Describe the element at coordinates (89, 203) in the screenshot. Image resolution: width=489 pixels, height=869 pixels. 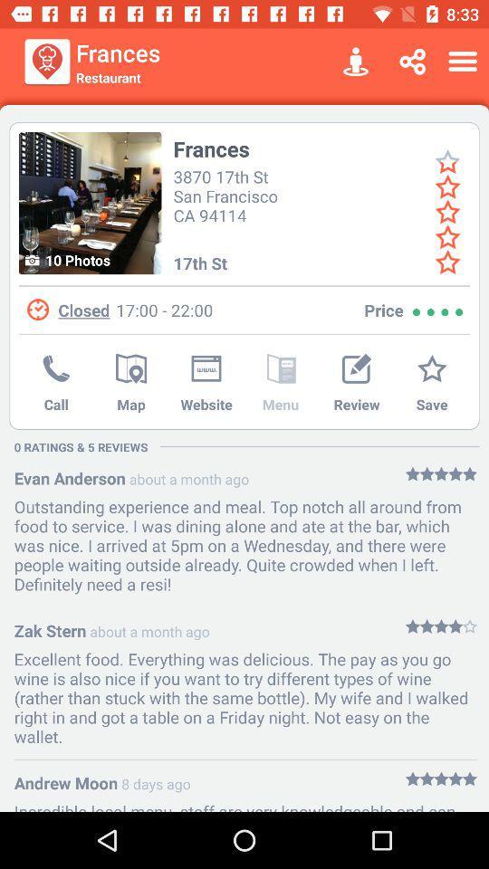
I see `icon to the left of the frances` at that location.